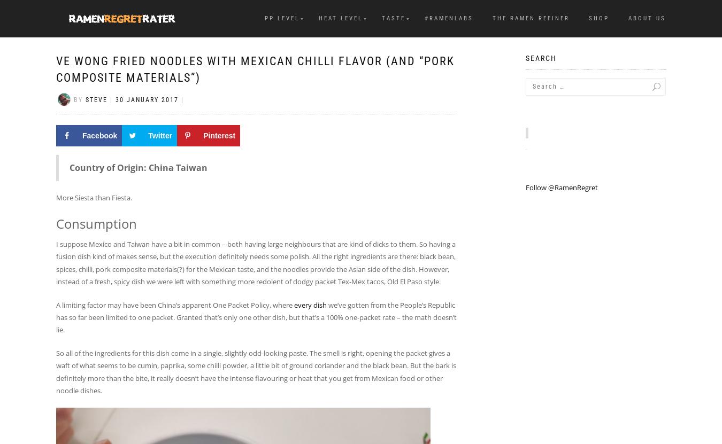  I want to click on 'A limiting factor may have been China’s apparent One Packet Policy, where', so click(56, 304).